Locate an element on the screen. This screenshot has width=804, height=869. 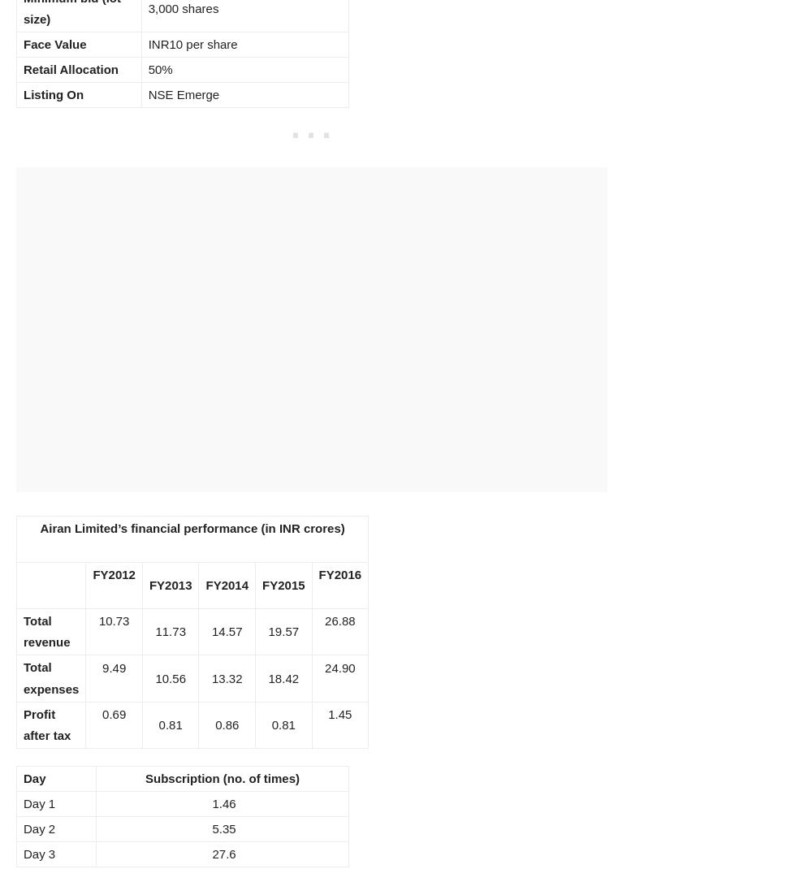
'27.6' is located at coordinates (209, 854).